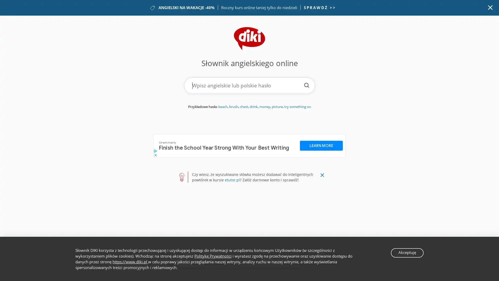 This screenshot has height=281, width=499. I want to click on Akceptuje, so click(407, 252).